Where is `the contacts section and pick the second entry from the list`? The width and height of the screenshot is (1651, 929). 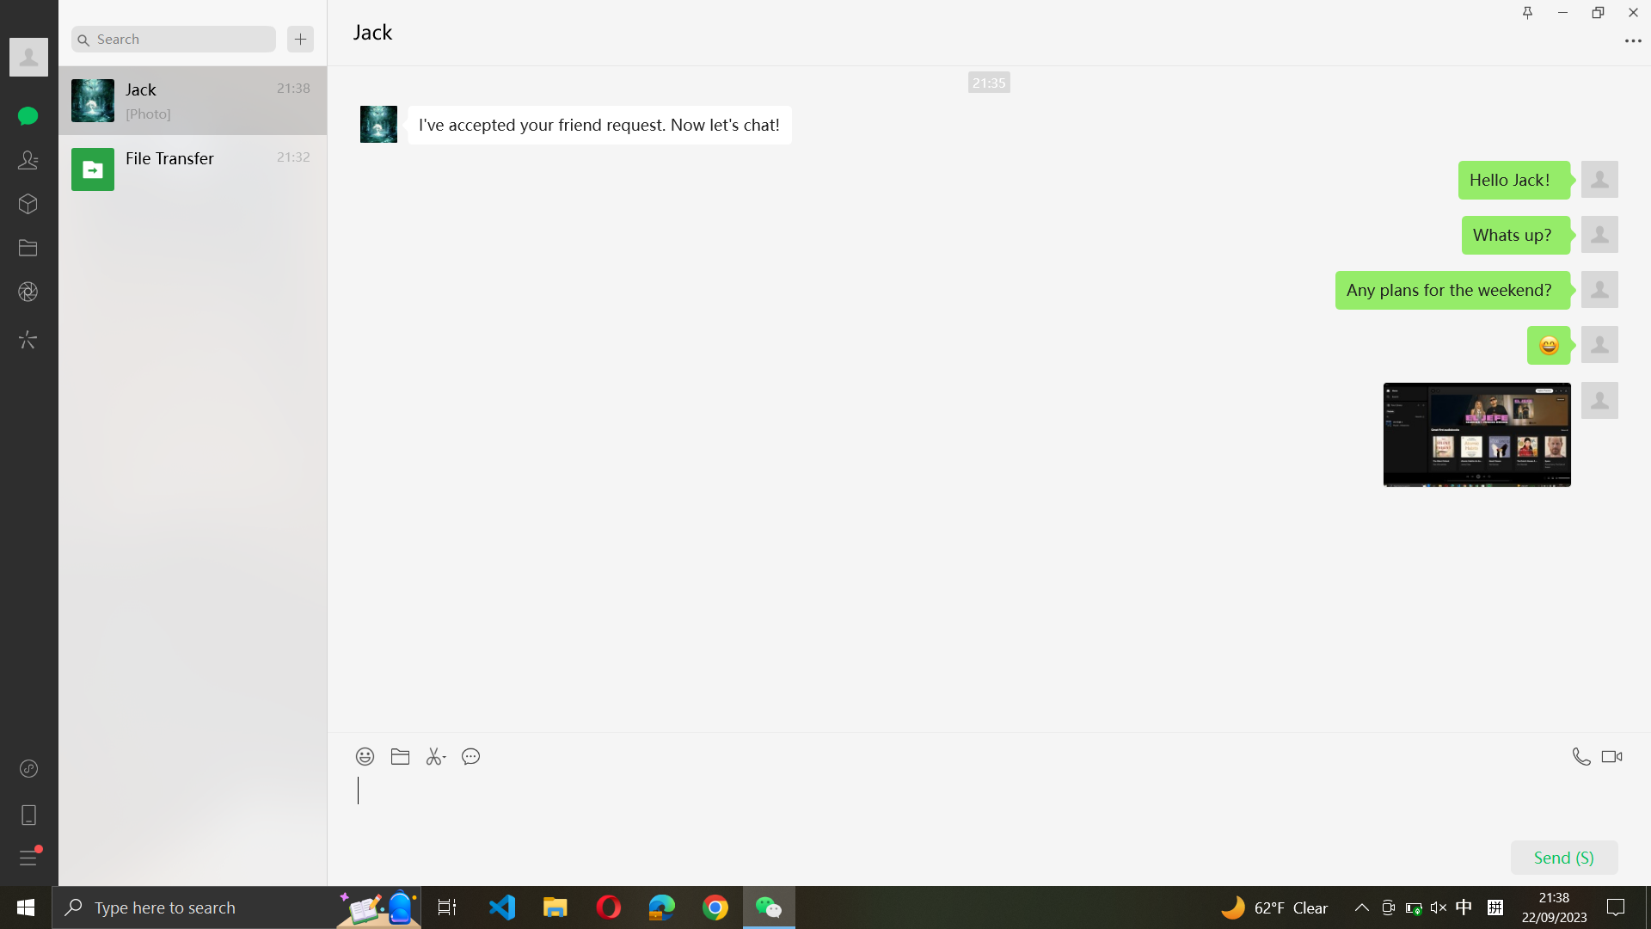 the contacts section and pick the second entry from the list is located at coordinates (28, 159).